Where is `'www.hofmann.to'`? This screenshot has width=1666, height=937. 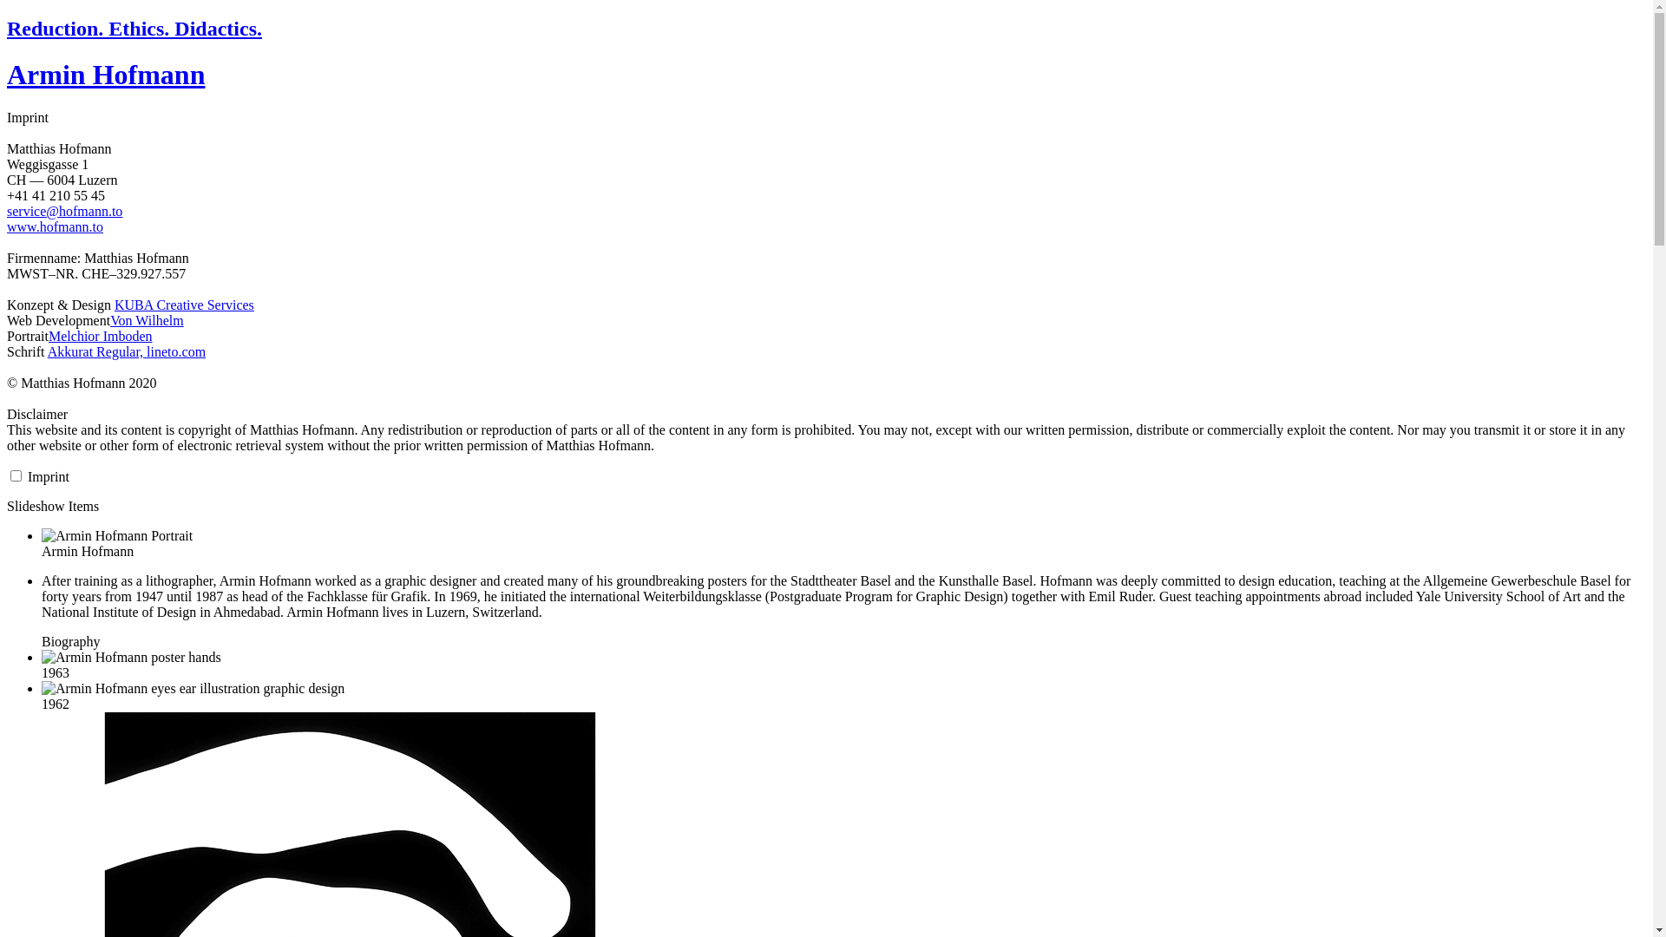 'www.hofmann.to' is located at coordinates (7, 226).